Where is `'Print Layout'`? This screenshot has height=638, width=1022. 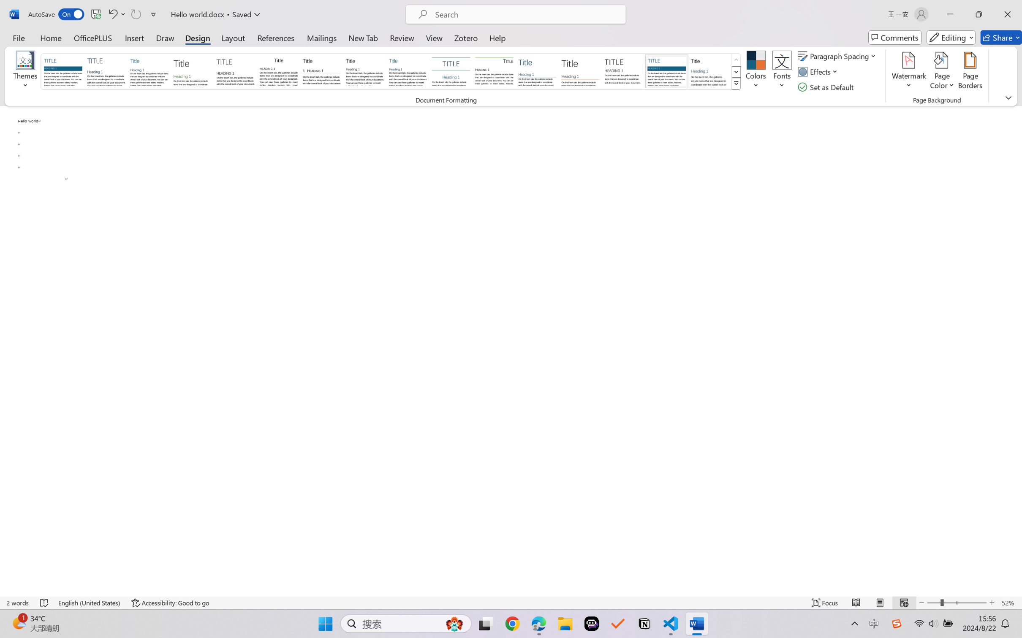
'Print Layout' is located at coordinates (880, 603).